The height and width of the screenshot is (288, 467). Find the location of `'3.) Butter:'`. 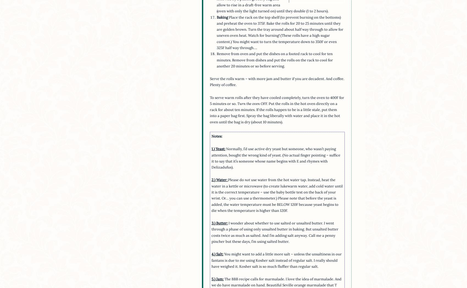

'3.) Butter:' is located at coordinates (219, 223).